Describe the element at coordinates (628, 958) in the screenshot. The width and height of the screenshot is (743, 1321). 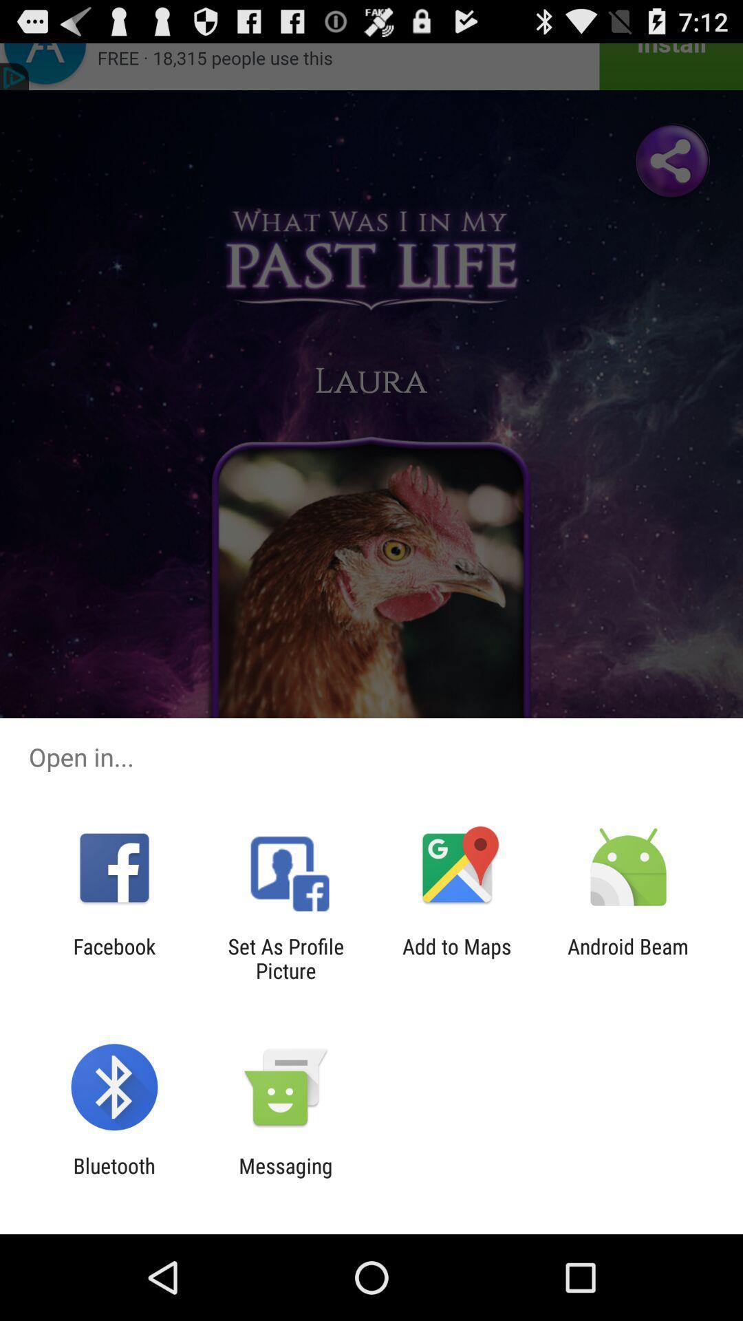
I see `the android beam item` at that location.